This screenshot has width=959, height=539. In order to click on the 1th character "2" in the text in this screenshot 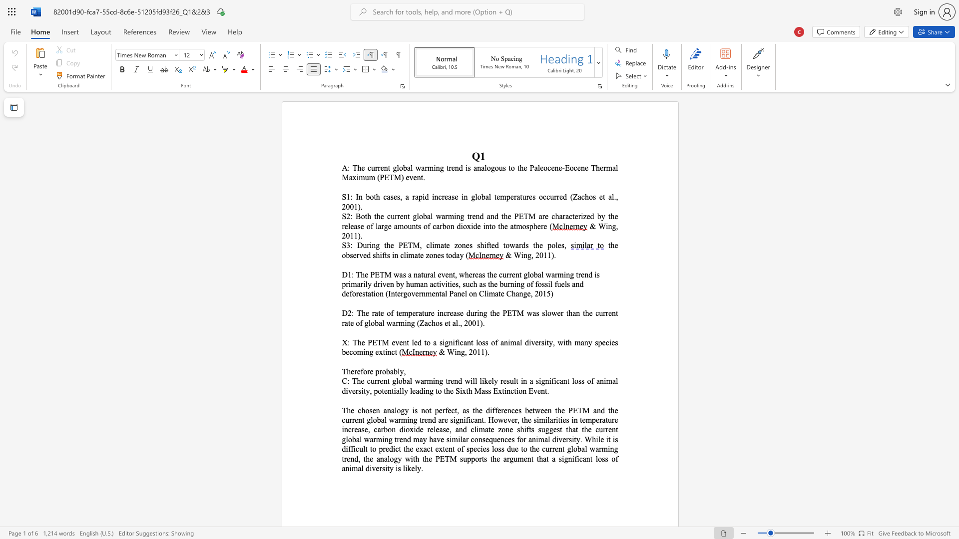, I will do `click(344, 236)`.